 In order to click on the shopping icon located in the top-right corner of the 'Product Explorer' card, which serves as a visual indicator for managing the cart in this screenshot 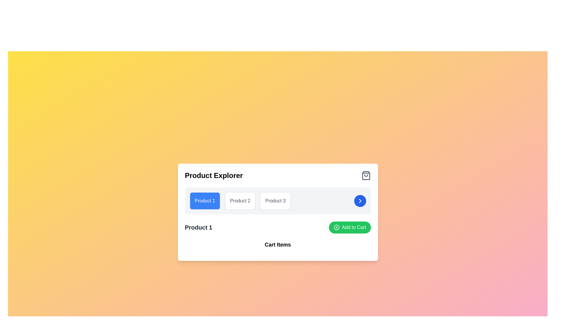, I will do `click(366, 175)`.